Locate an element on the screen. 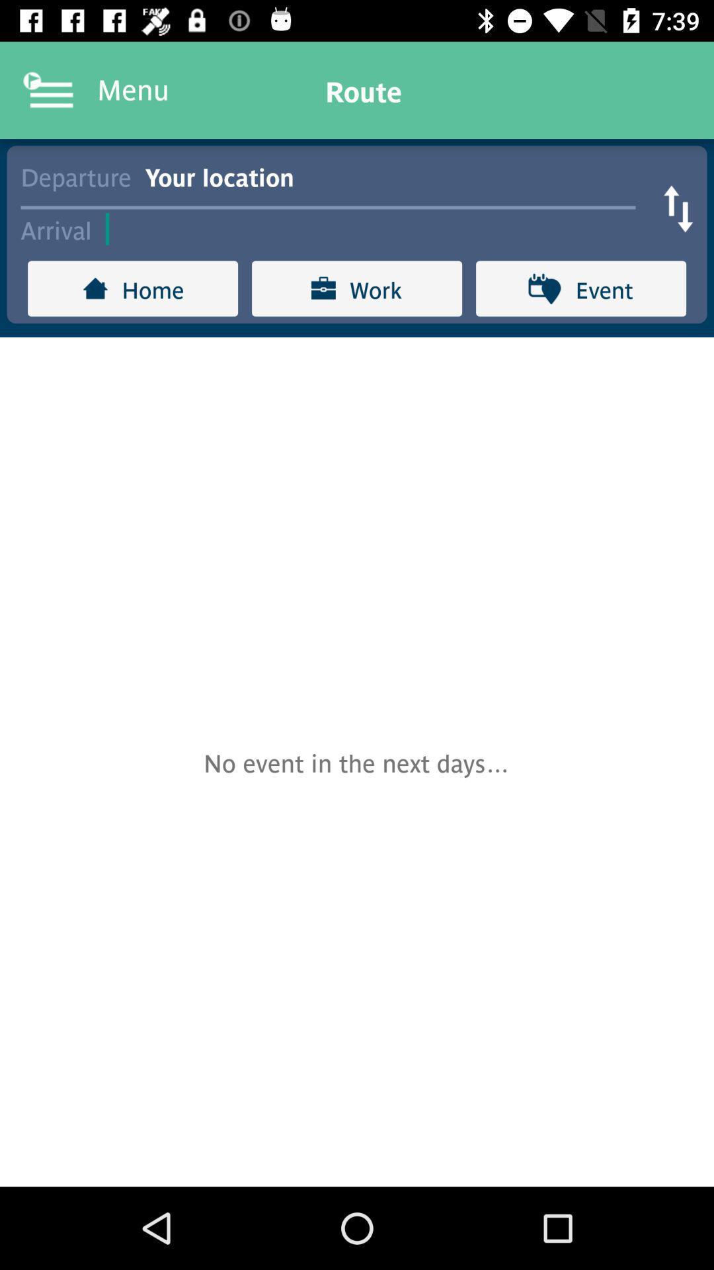 The height and width of the screenshot is (1270, 714). arrival field is located at coordinates (377, 229).